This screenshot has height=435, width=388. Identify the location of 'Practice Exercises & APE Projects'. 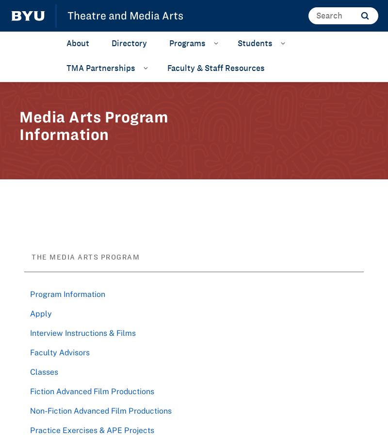
(92, 429).